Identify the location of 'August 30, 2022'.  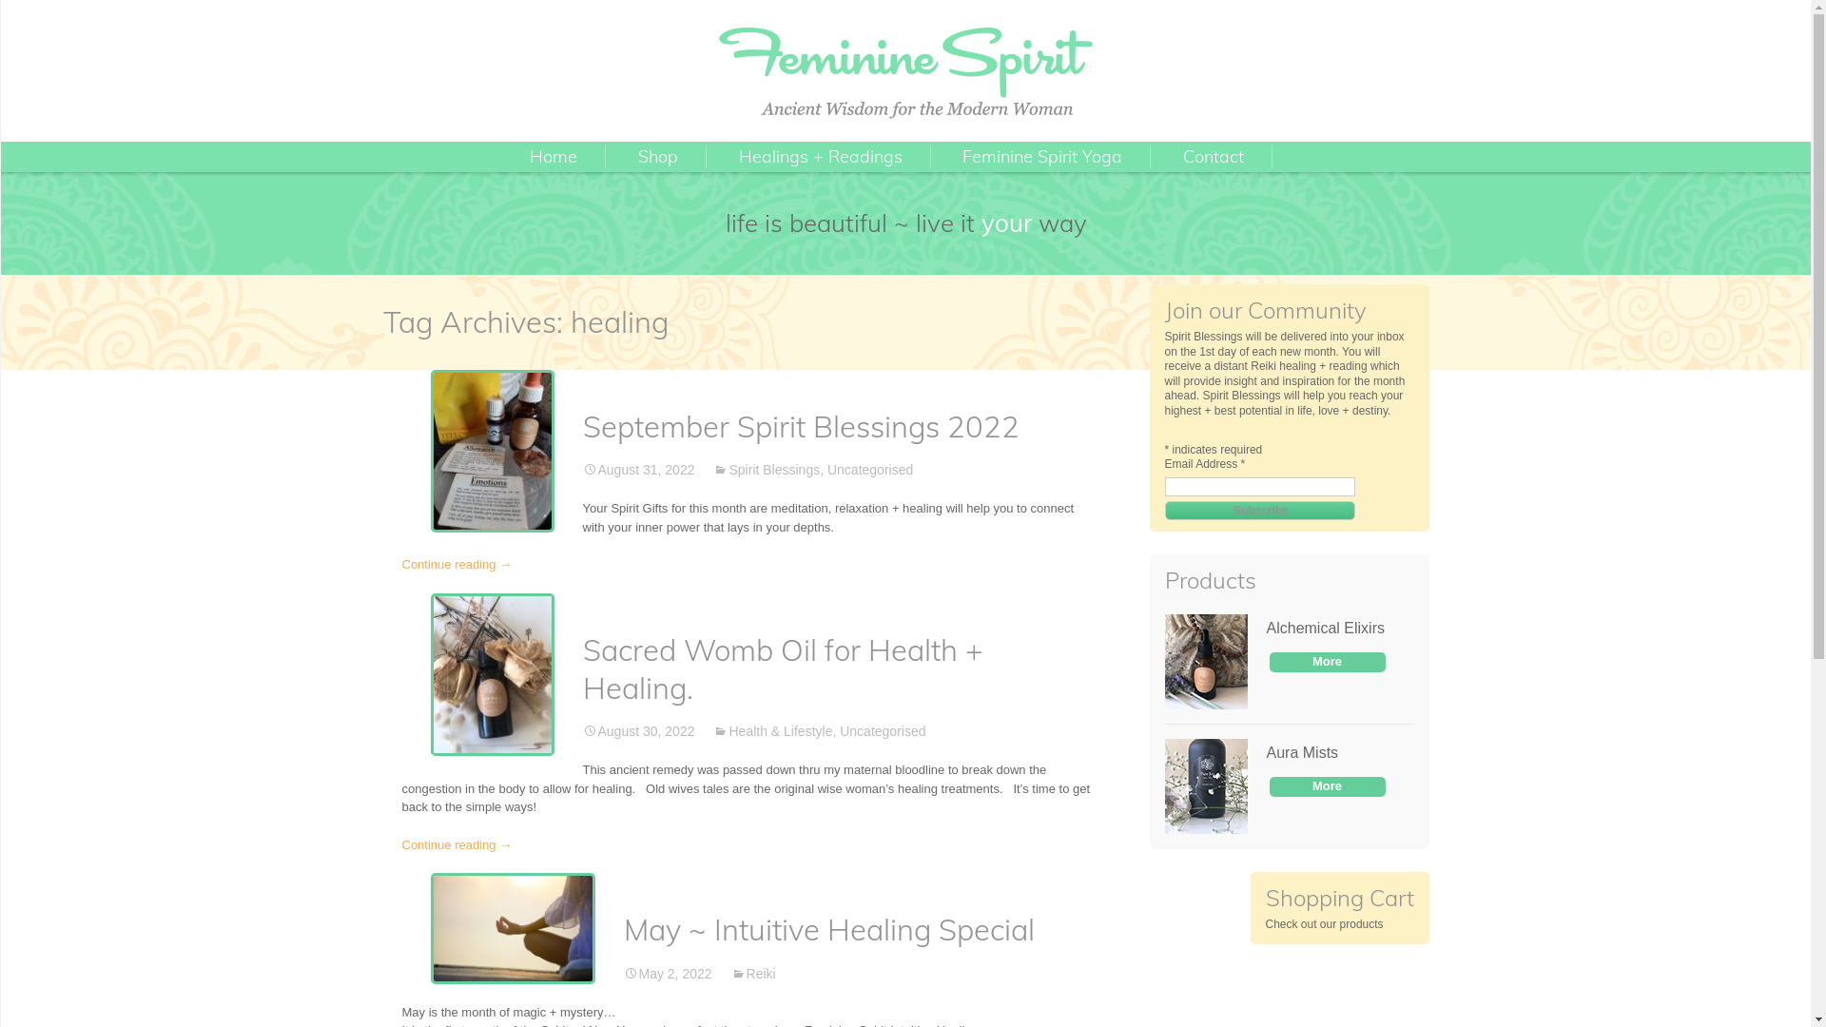
(638, 729).